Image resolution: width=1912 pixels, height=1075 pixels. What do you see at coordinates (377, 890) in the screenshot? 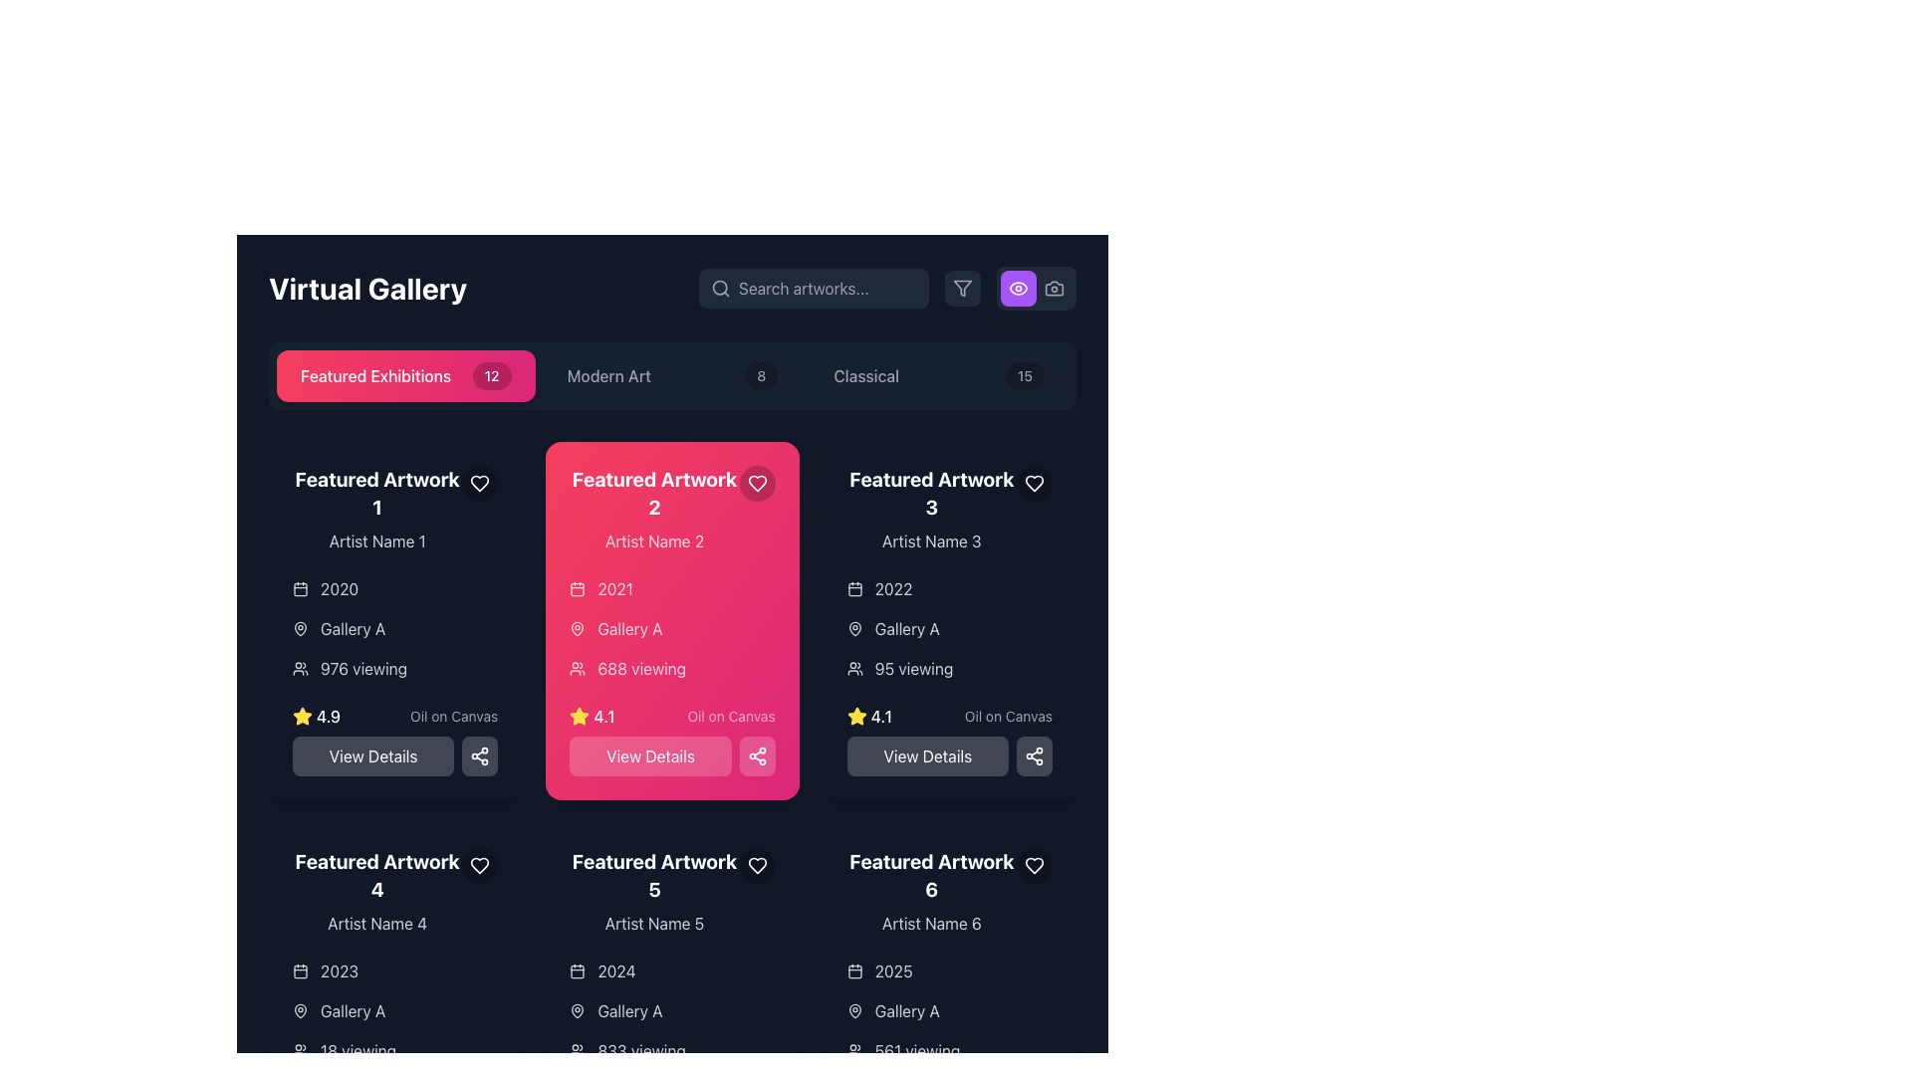
I see `the text display element that shows 'Featured Artwork 4' and 'Artist Name 4', located in the bottom-left section of the grid of artworks` at bounding box center [377, 890].